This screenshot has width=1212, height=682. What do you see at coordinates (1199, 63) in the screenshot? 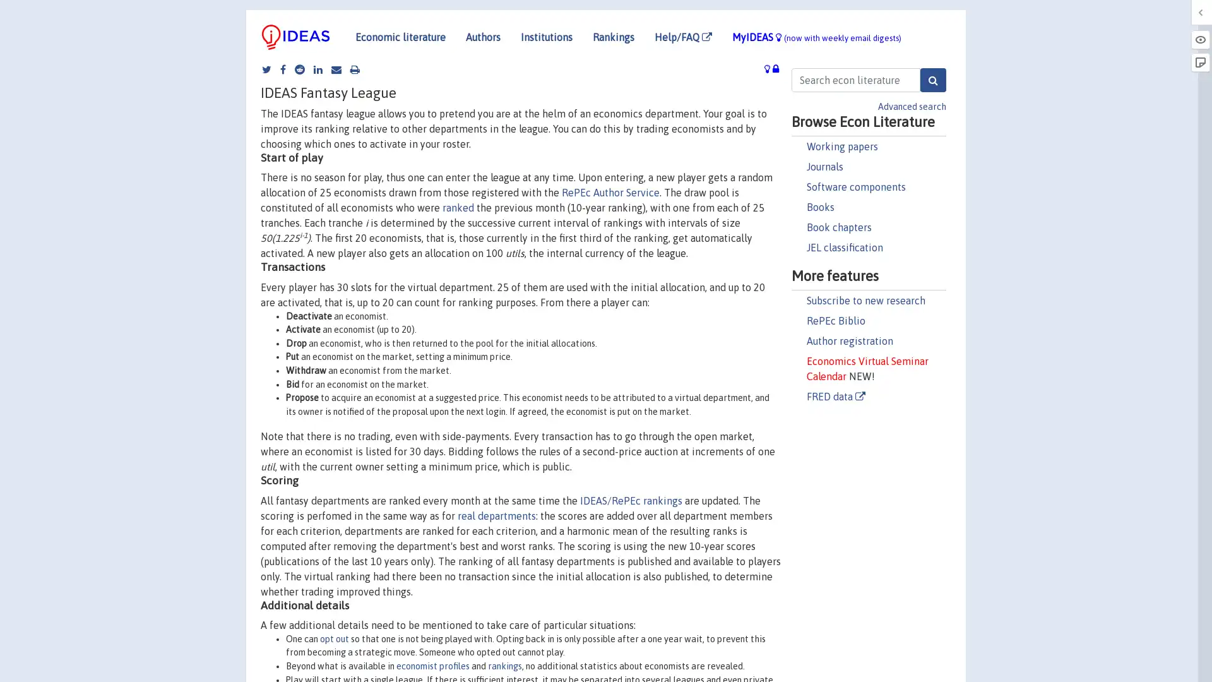
I see `New page note` at bounding box center [1199, 63].